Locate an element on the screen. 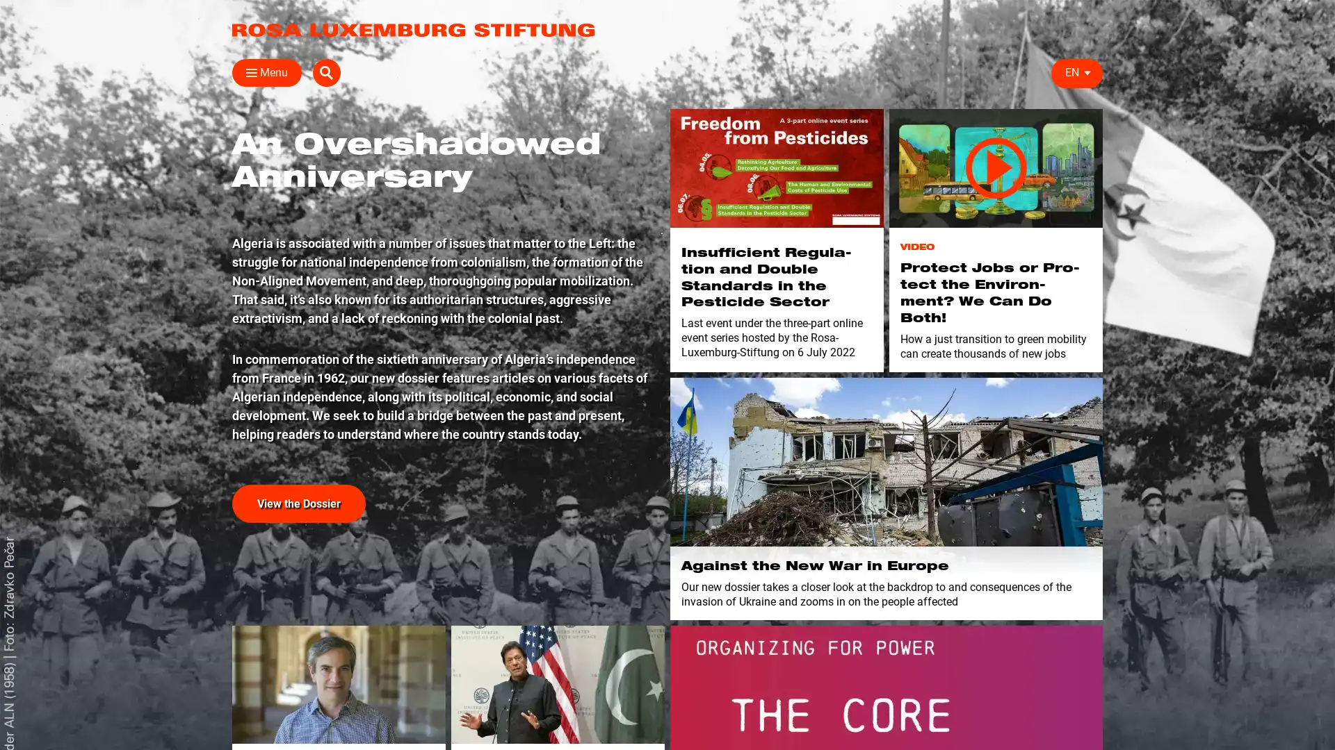  Show more / less is located at coordinates (226, 340).